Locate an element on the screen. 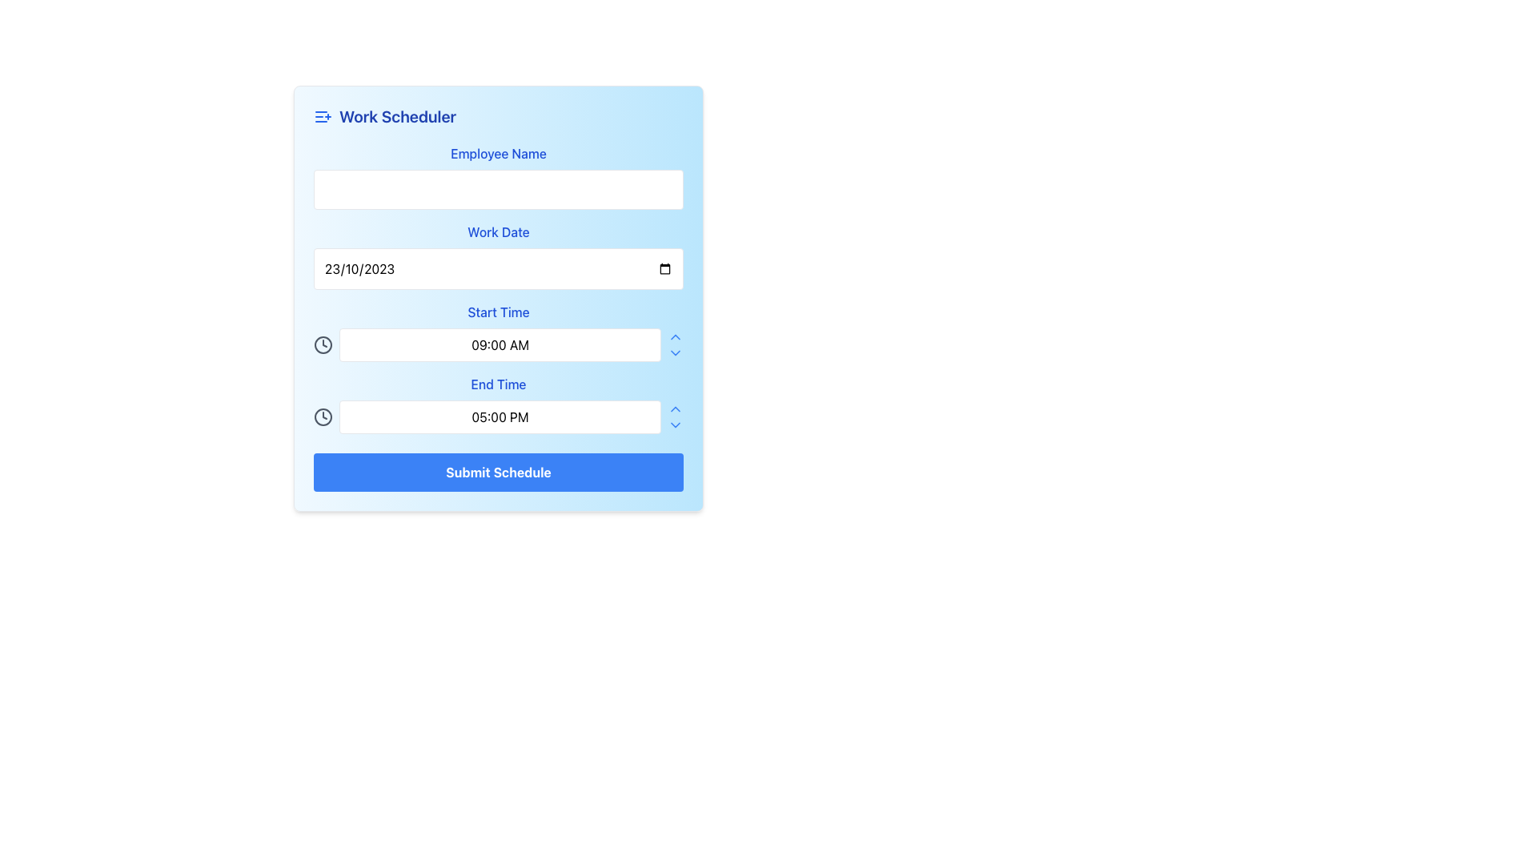 The image size is (1537, 865). the circular clock icon with a light outline located to the left of the 'Start Time' input field is located at coordinates (322, 344).